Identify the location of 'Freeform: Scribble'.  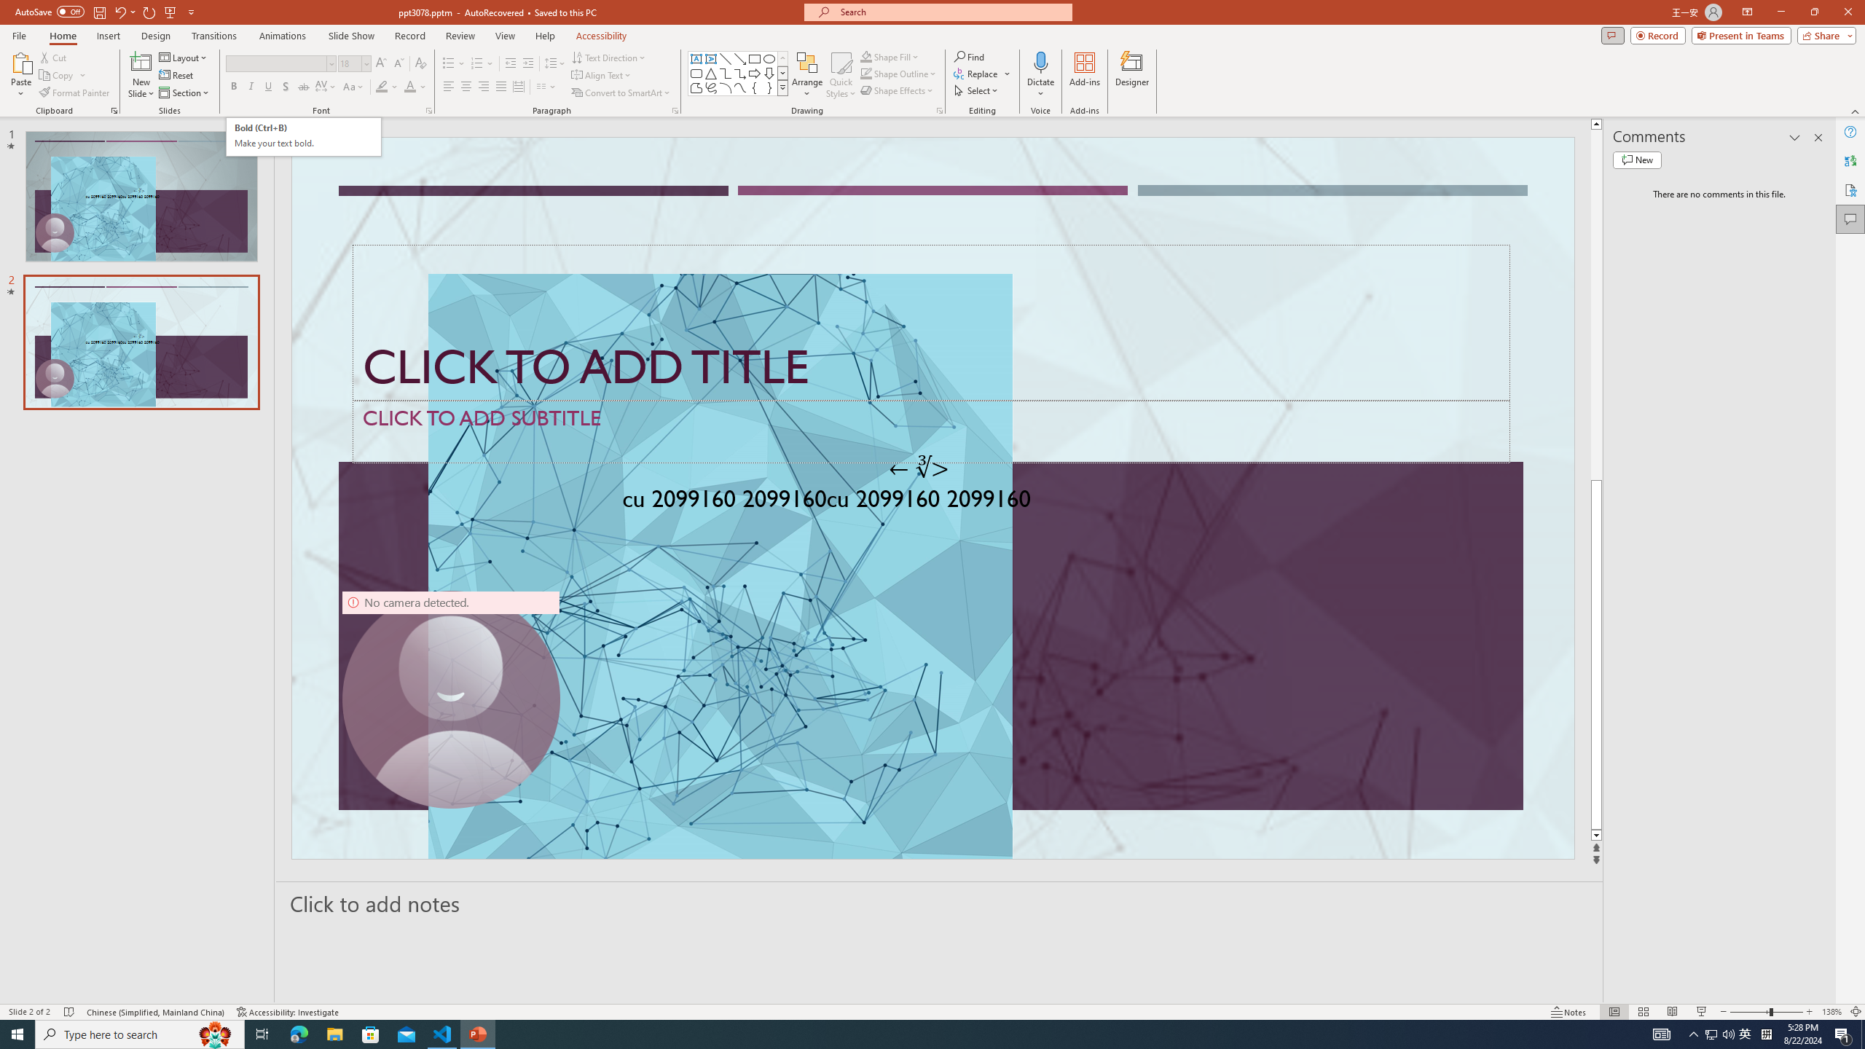
(710, 87).